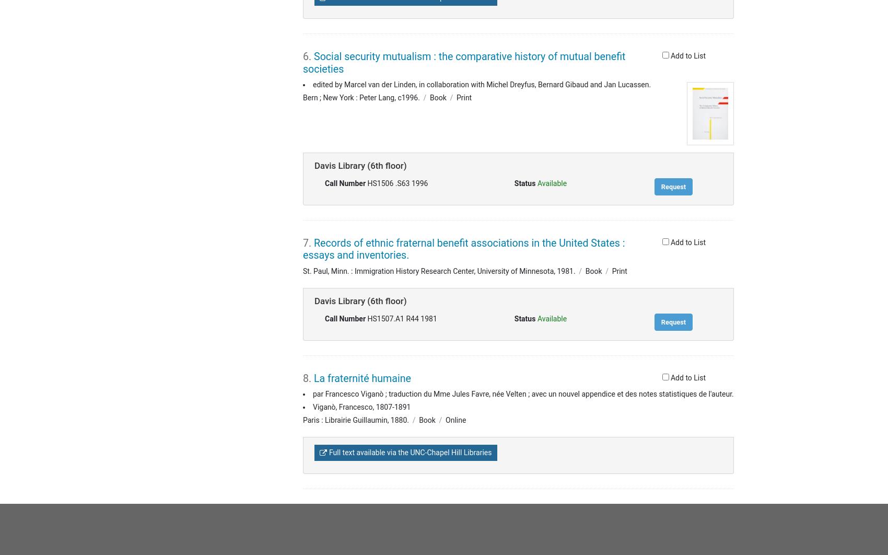 The image size is (888, 555). I want to click on '6.', so click(308, 56).